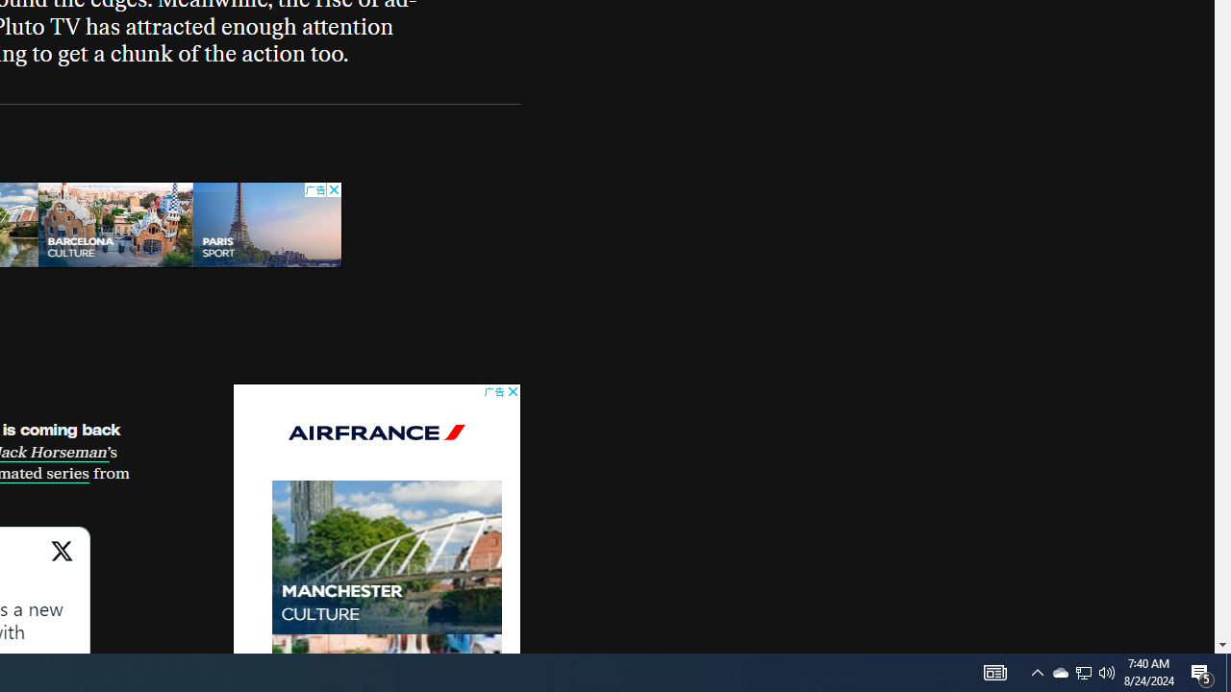 The image size is (1231, 692). I want to click on 'View on X', so click(62, 561).